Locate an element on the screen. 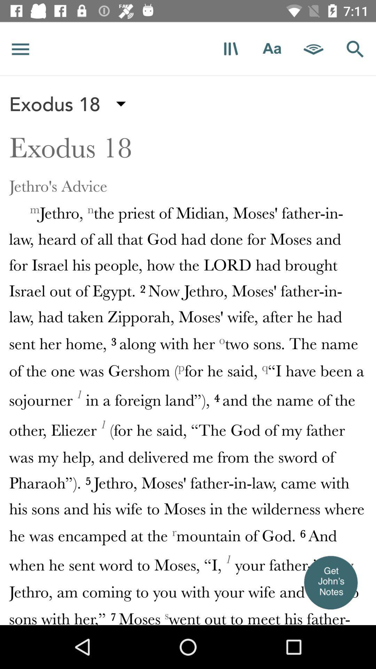  search page is located at coordinates (355, 48).